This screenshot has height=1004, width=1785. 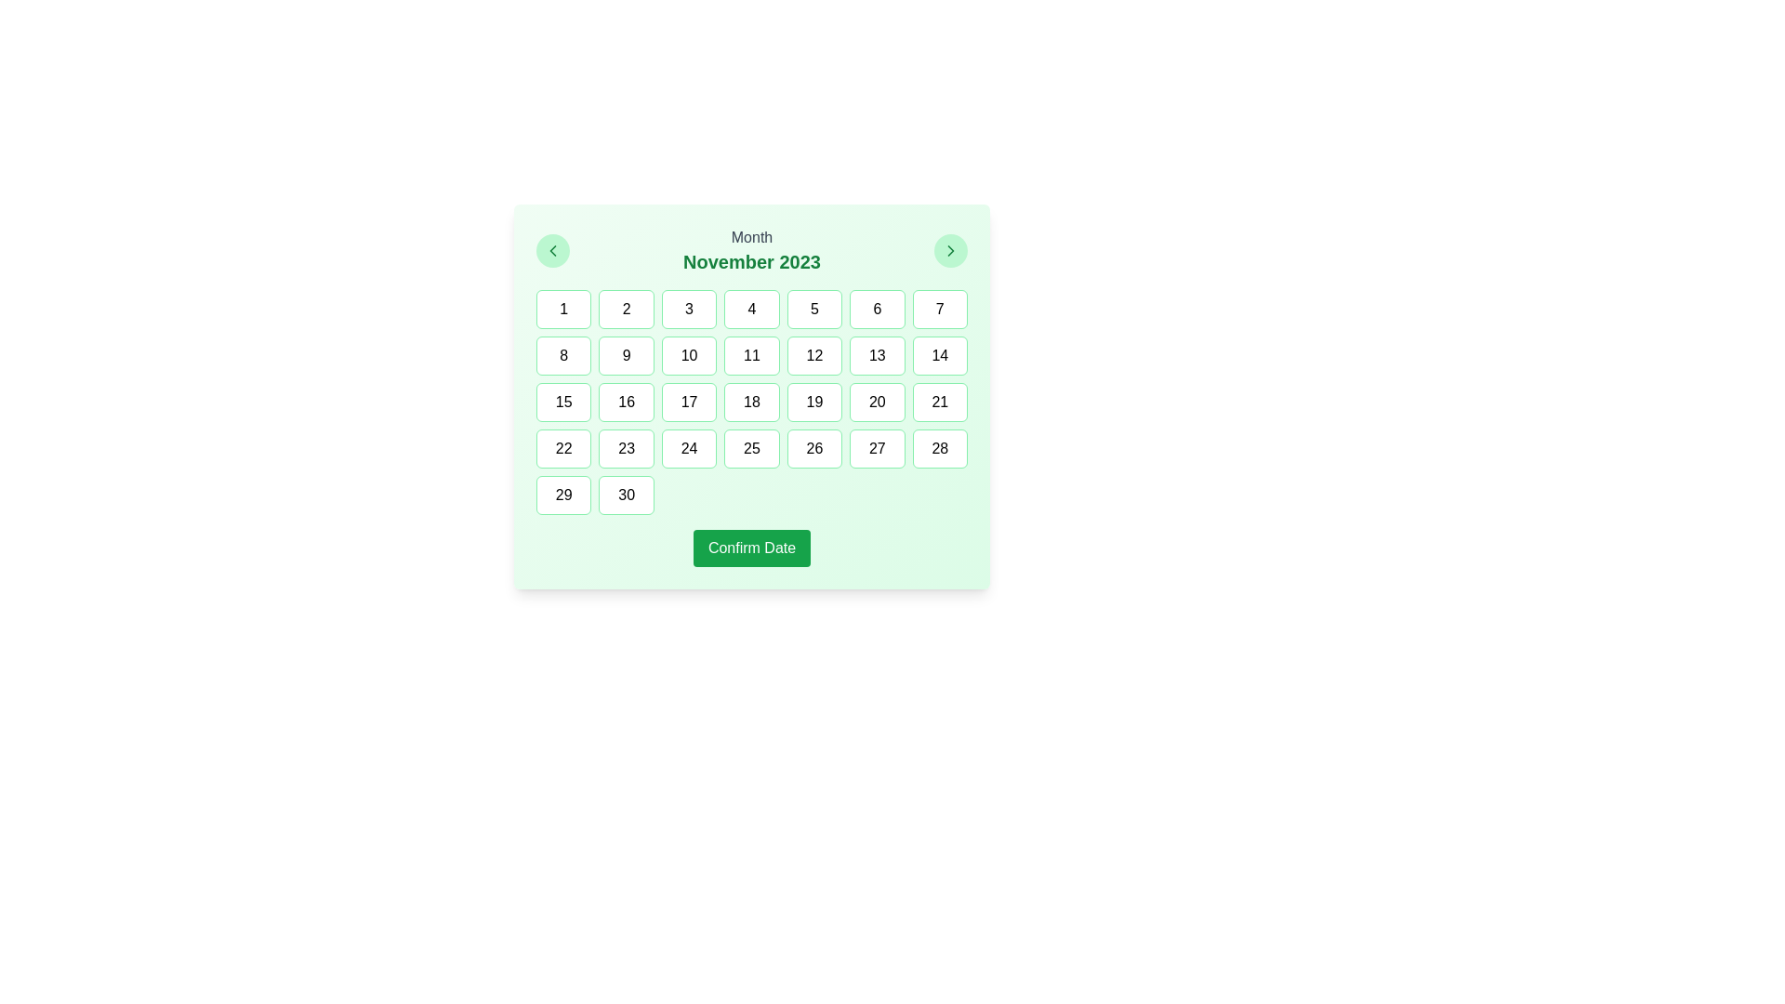 What do you see at coordinates (814, 448) in the screenshot?
I see `the date selection button for '26' in the calendar grid, located in the fourth row and fifth column, to observe its hover effects` at bounding box center [814, 448].